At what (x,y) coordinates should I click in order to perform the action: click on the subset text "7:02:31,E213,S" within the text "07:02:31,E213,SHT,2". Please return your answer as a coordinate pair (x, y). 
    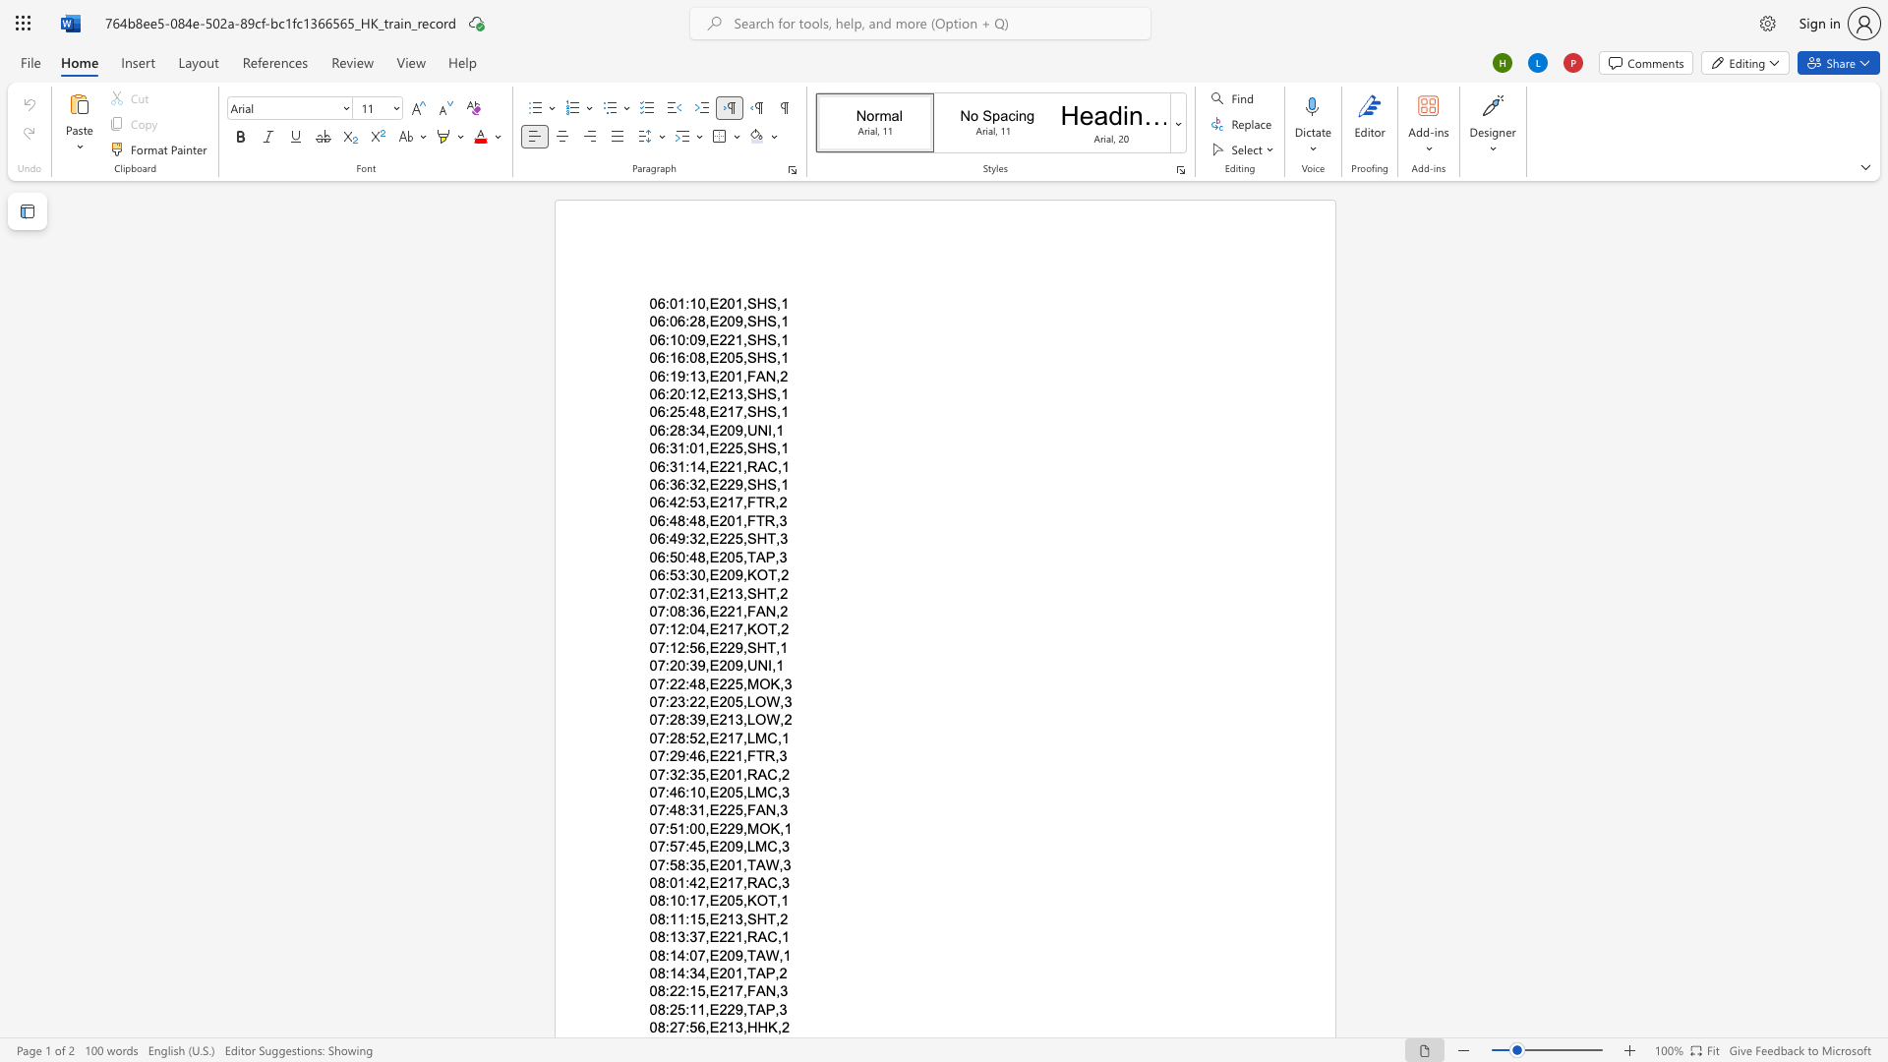
    Looking at the image, I should click on (657, 592).